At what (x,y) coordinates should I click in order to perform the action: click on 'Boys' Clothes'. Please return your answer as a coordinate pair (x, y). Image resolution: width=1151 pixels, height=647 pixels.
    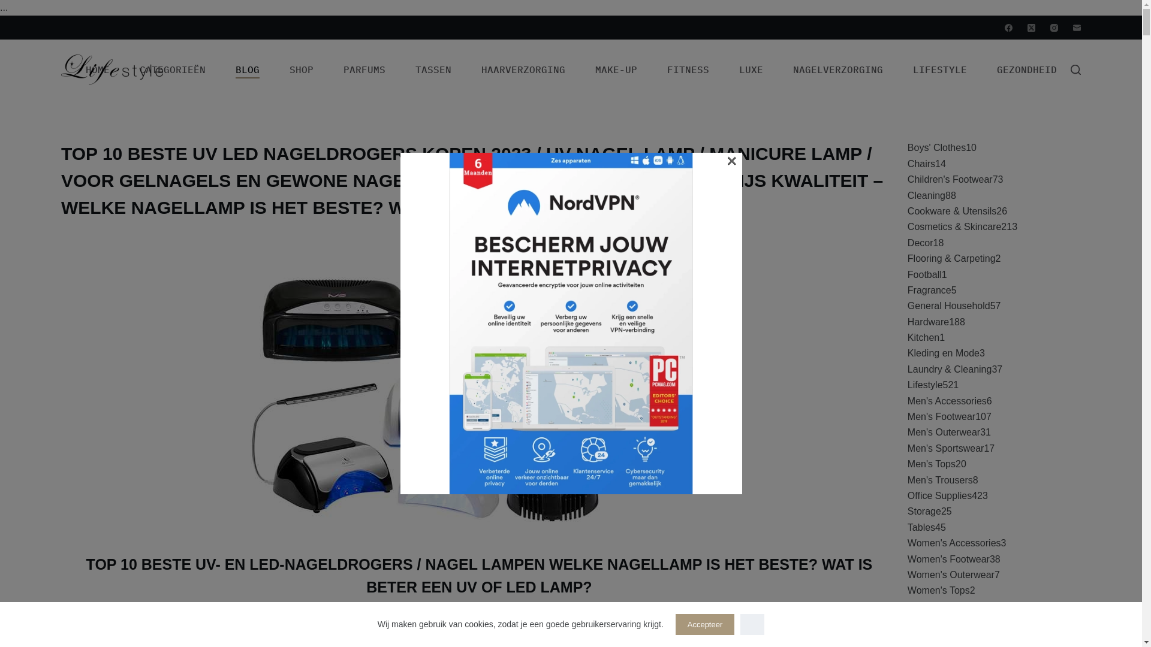
    Looking at the image, I should click on (936, 147).